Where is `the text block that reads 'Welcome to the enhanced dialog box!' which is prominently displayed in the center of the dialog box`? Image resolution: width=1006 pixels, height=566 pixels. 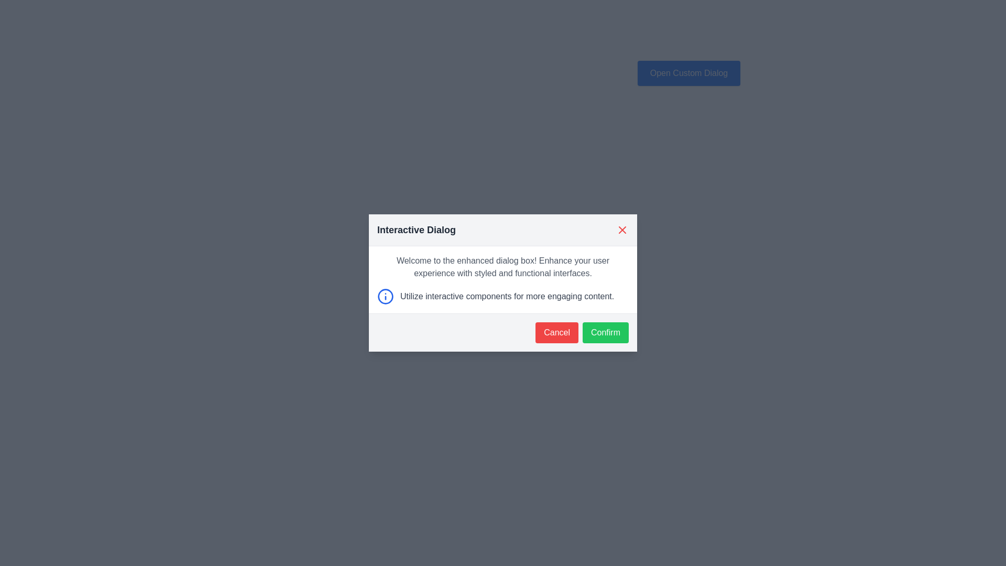 the text block that reads 'Welcome to the enhanced dialog box!' which is prominently displayed in the center of the dialog box is located at coordinates (503, 266).